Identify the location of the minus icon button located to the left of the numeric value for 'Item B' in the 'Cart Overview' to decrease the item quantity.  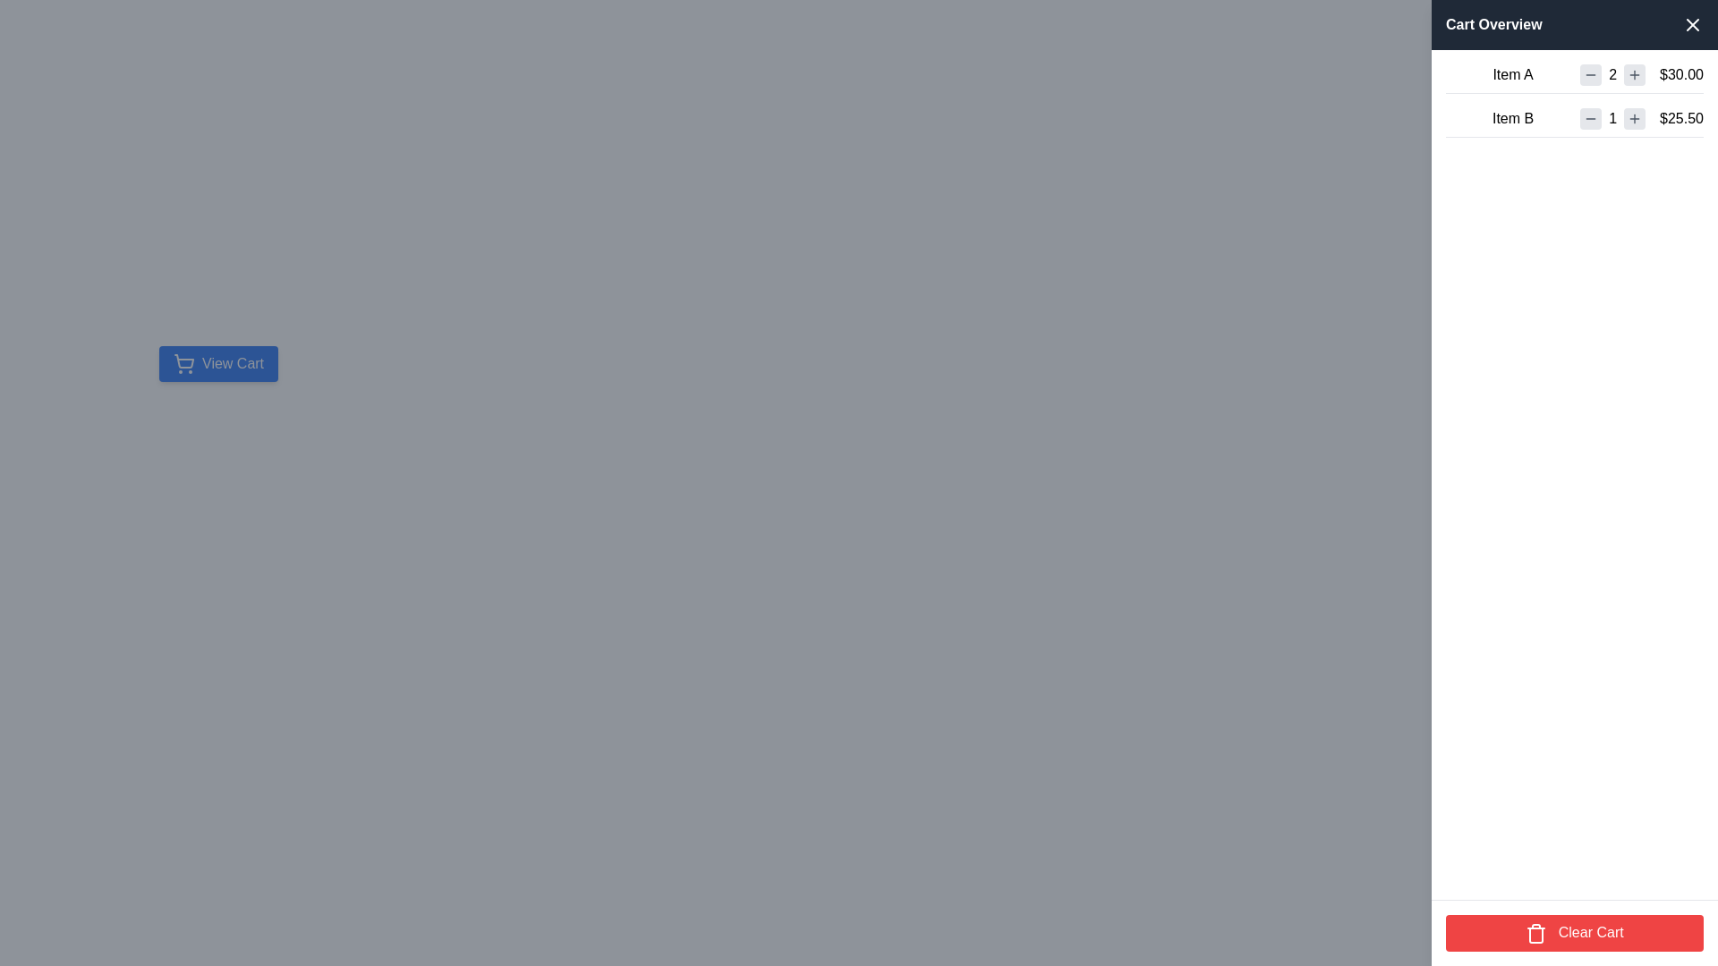
(1590, 118).